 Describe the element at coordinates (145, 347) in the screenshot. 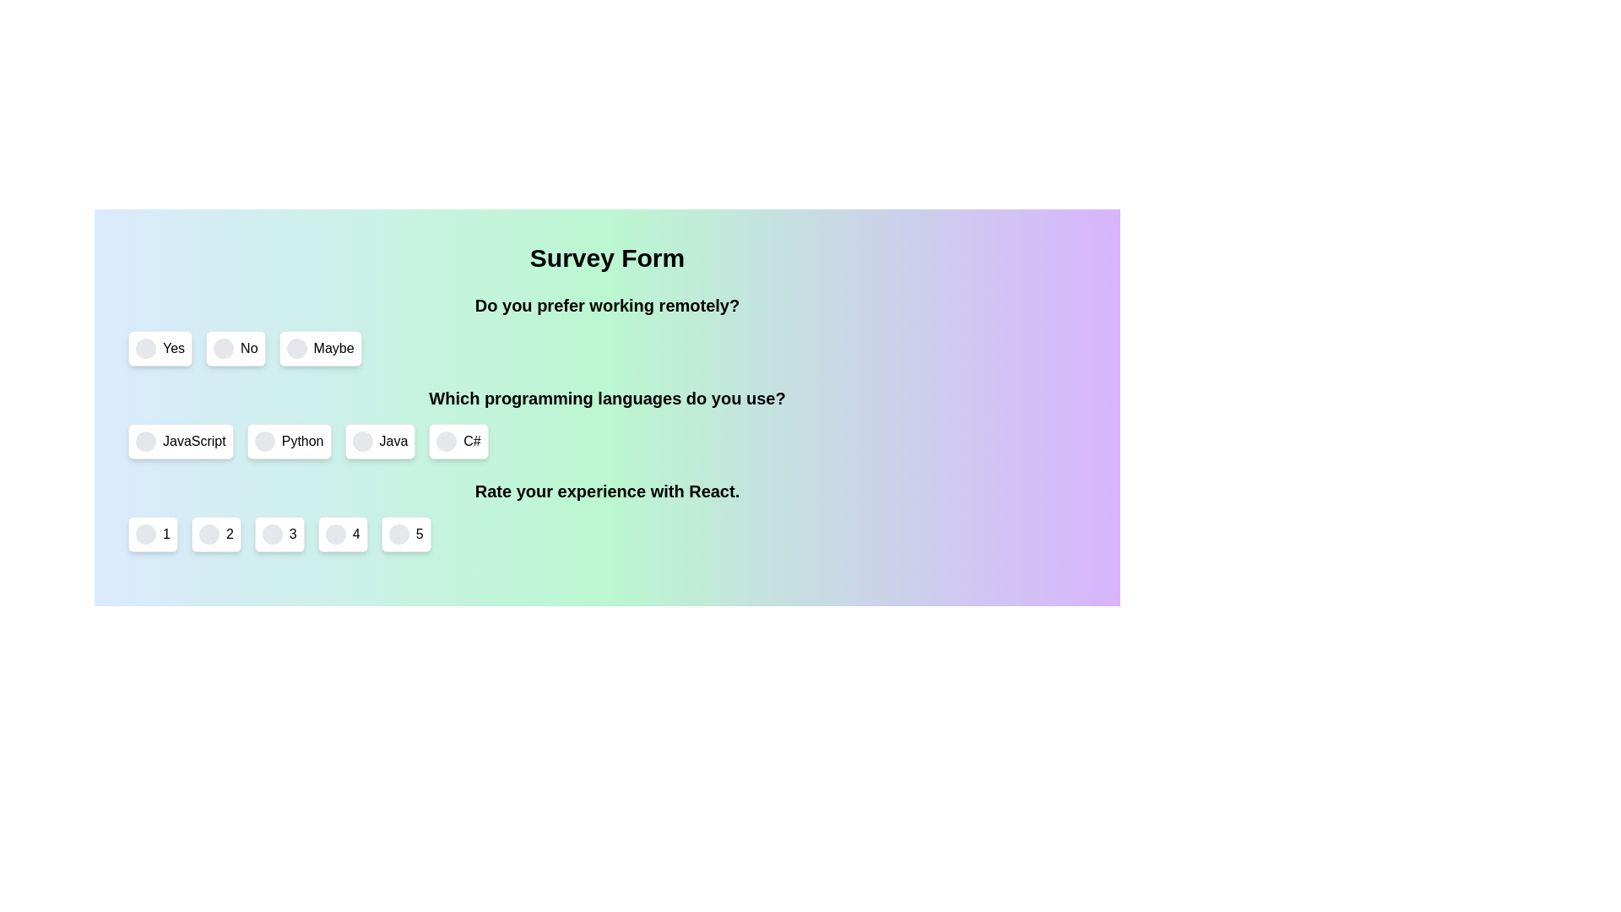

I see `the first radio button labeled 'Yes' in the horizontal group of options` at that location.